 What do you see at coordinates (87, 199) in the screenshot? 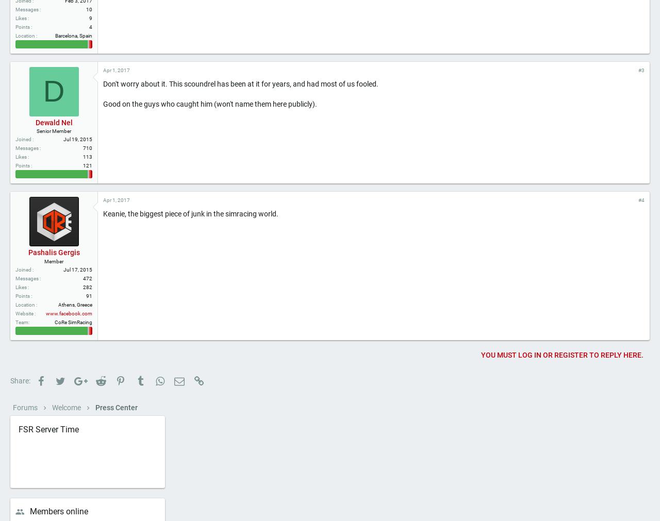
I see `'121'` at bounding box center [87, 199].